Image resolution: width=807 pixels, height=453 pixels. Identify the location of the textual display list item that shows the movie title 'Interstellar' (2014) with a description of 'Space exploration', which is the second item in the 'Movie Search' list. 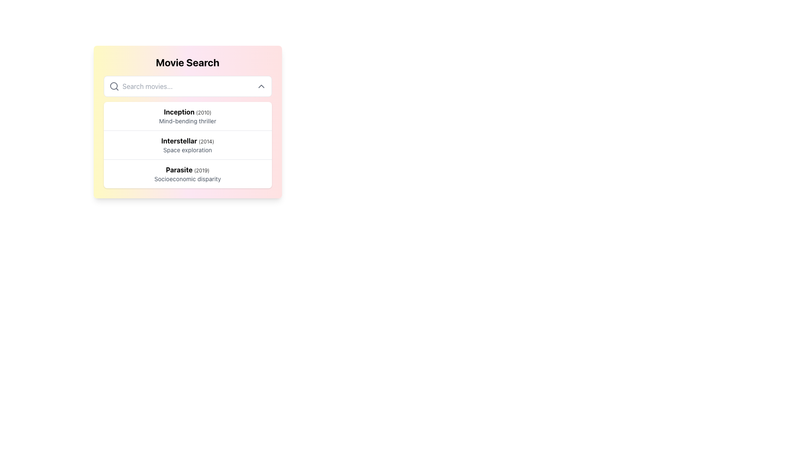
(187, 144).